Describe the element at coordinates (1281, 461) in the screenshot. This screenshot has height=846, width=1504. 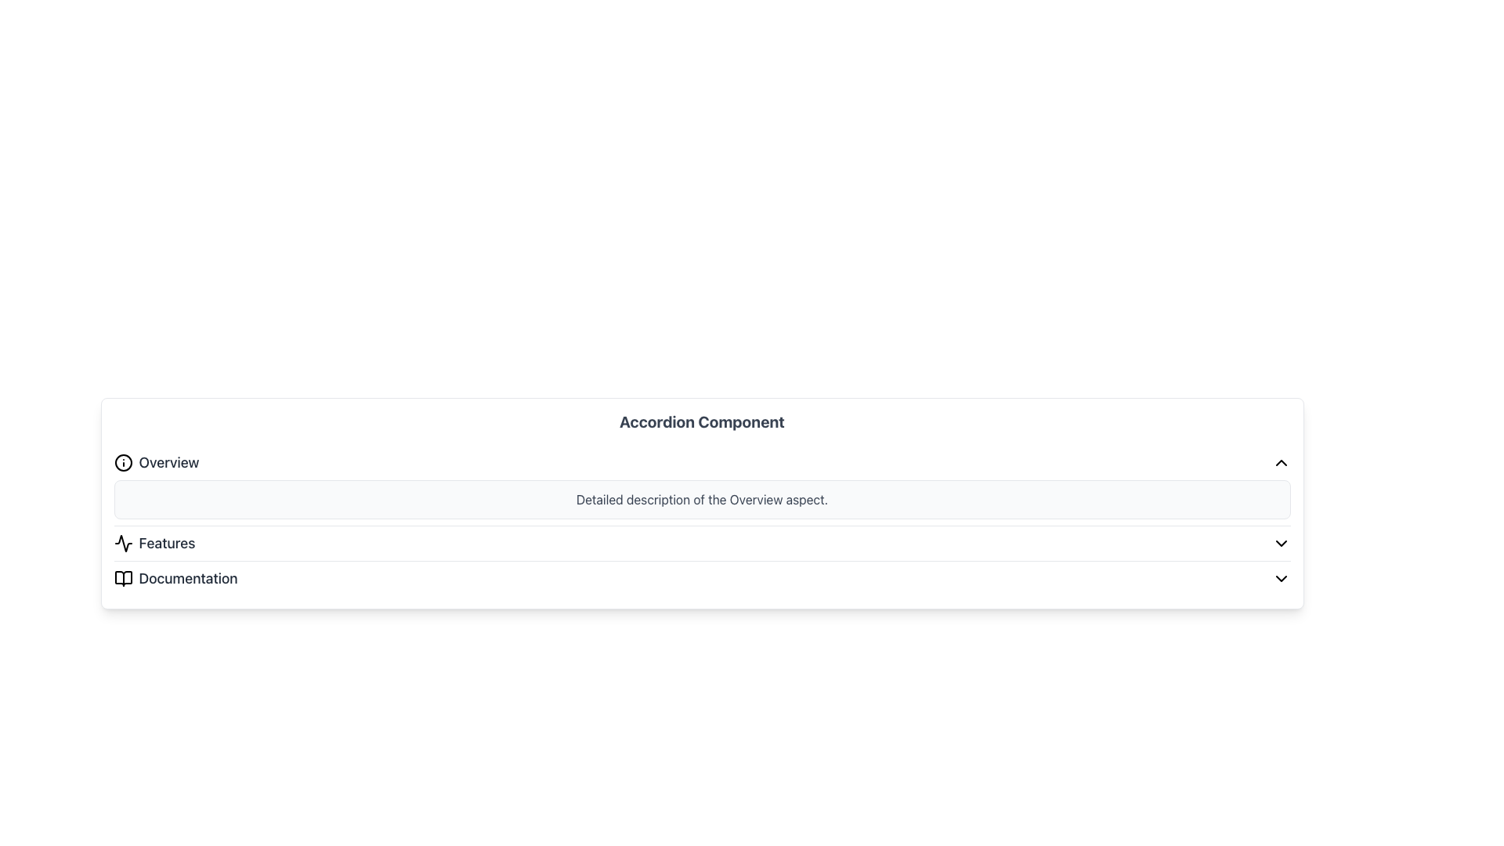
I see `the collapse icon located at the far-right corner of the header section next to the 'Overview' text` at that location.